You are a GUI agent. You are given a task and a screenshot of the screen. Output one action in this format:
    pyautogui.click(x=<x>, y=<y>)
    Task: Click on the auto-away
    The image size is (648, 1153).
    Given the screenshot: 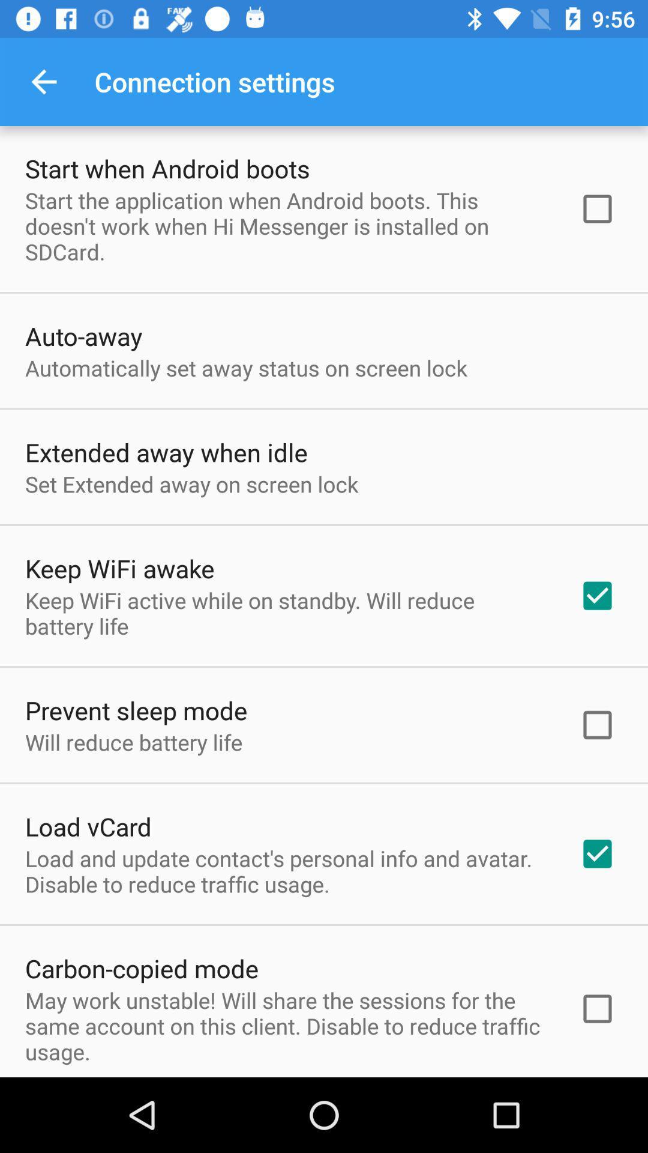 What is the action you would take?
    pyautogui.click(x=83, y=336)
    